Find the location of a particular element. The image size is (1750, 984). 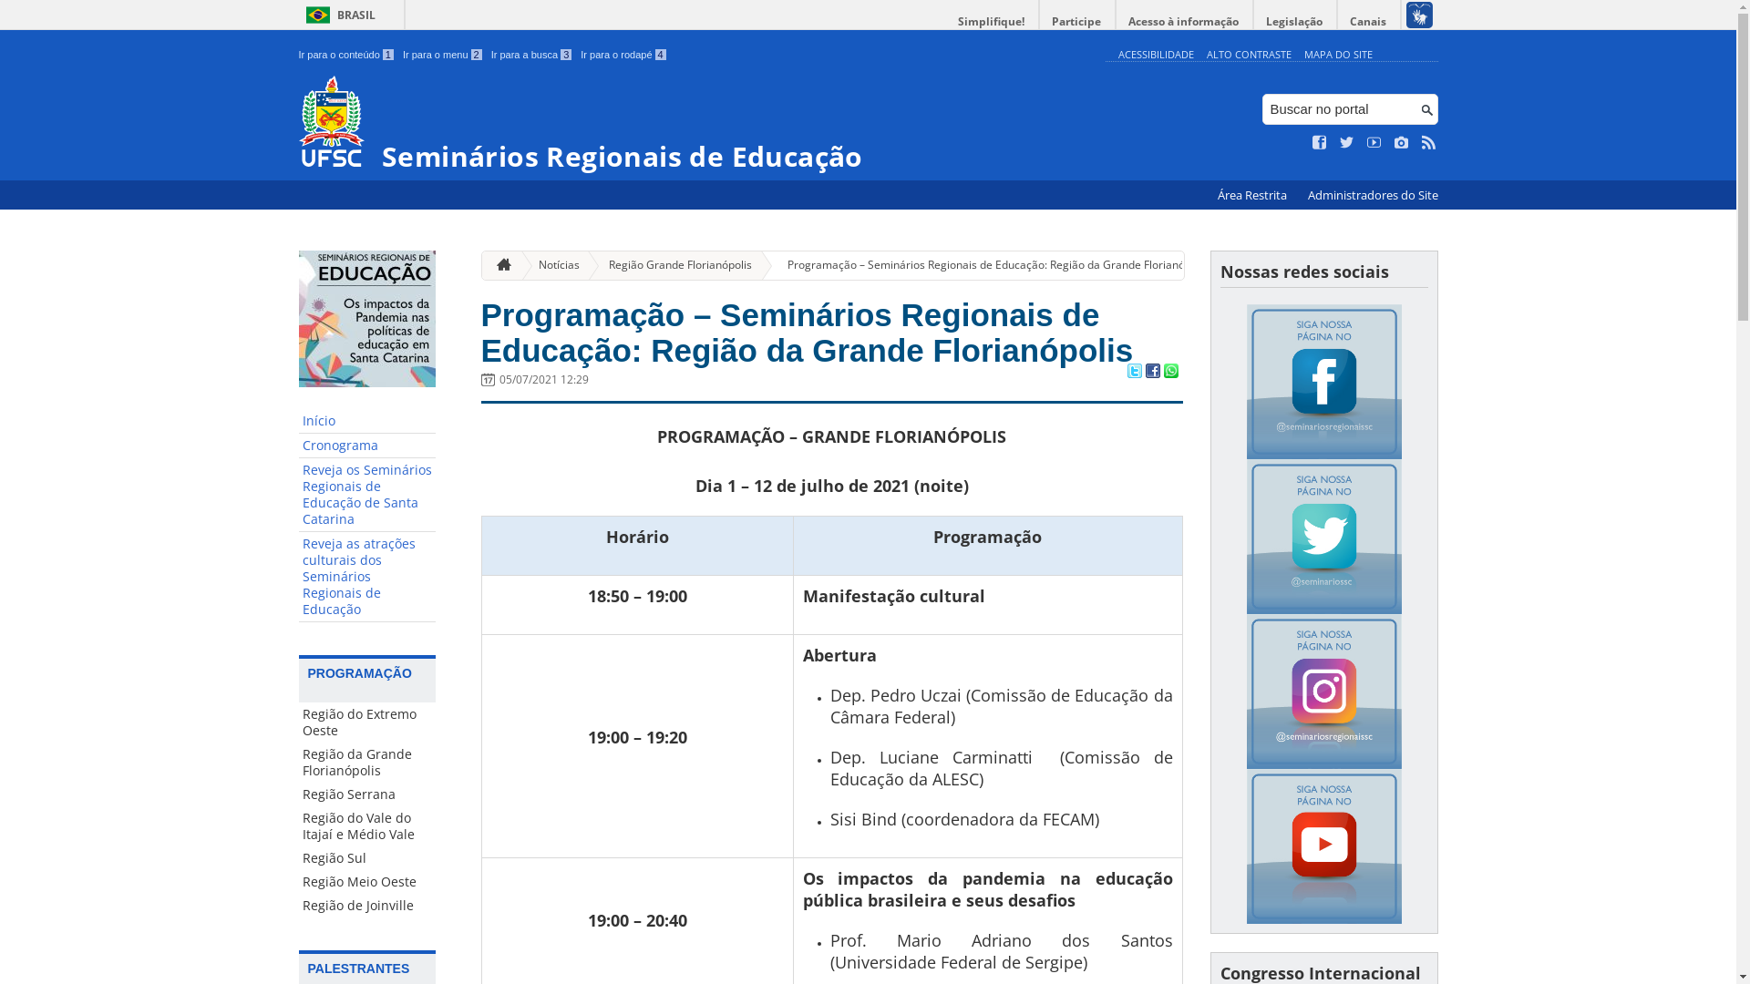

'Participe' is located at coordinates (1039, 21).